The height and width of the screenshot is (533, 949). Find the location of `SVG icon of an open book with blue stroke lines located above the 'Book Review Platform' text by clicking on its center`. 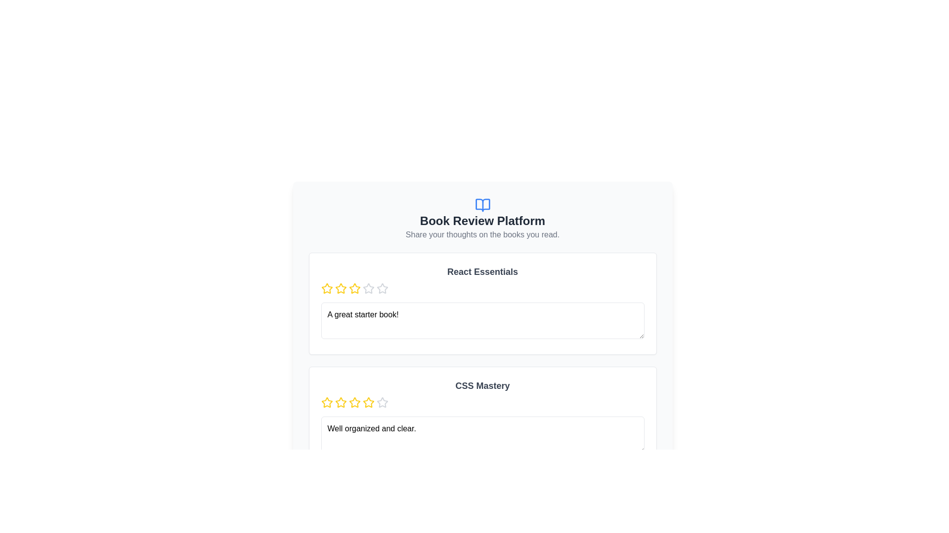

SVG icon of an open book with blue stroke lines located above the 'Book Review Platform' text by clicking on its center is located at coordinates (482, 205).